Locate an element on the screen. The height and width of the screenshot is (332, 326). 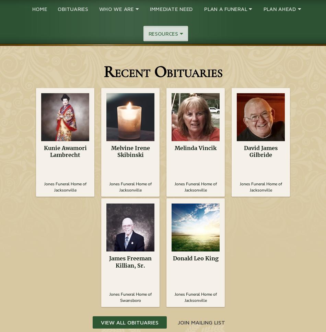
'Jones Funeral Home of Swansboro' is located at coordinates (130, 296).